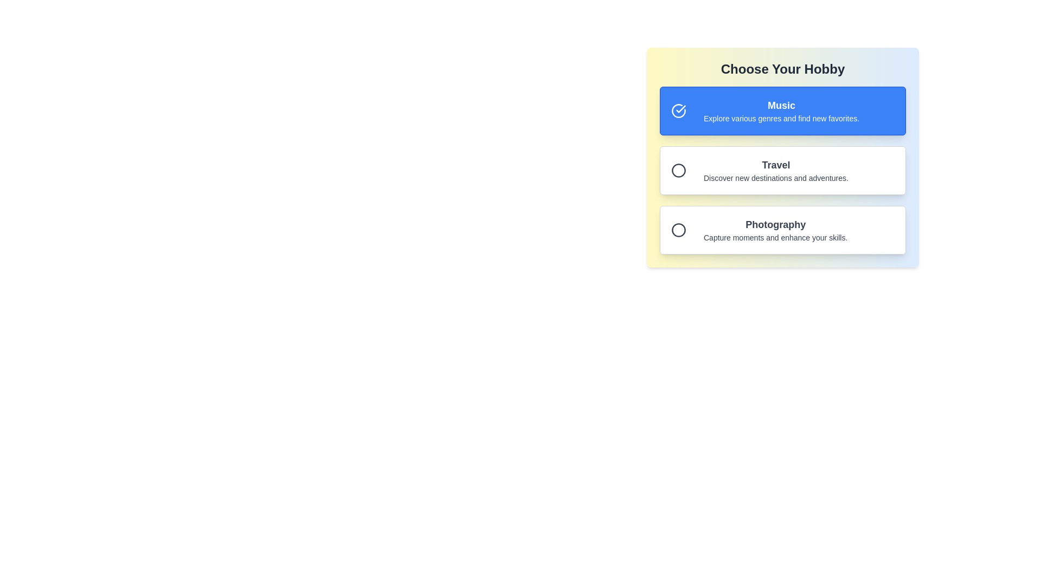  I want to click on the middle selection box for the 'Choose Your Hobby' section to trigger a visual effect, so click(783, 157).